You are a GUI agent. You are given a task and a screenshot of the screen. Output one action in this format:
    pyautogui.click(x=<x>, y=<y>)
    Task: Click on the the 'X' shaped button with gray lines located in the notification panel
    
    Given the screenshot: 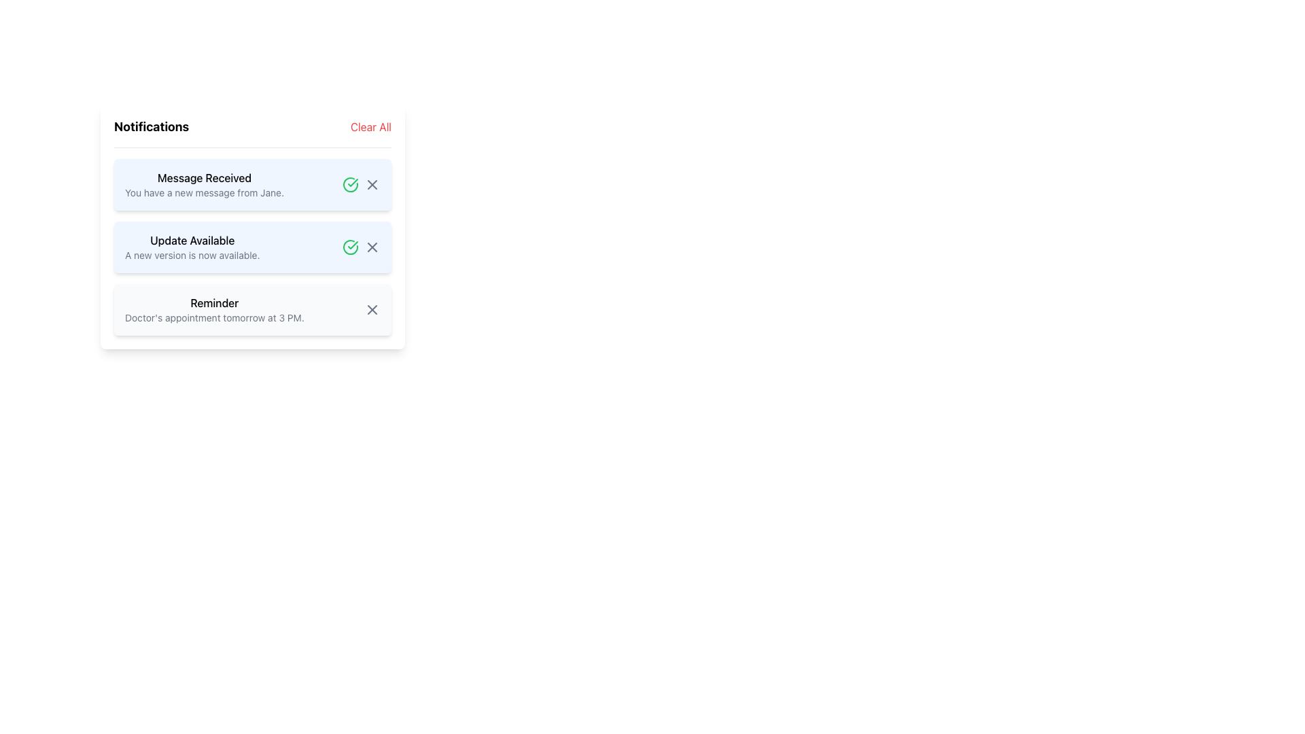 What is the action you would take?
    pyautogui.click(x=372, y=309)
    